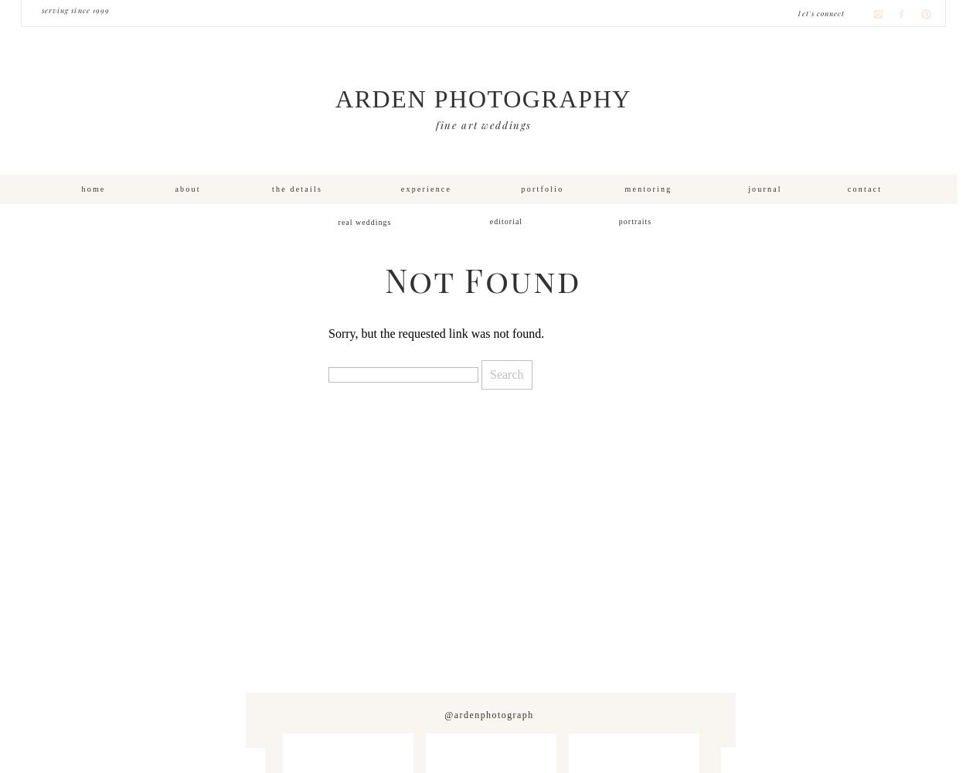  What do you see at coordinates (186, 188) in the screenshot?
I see `'ABOUT'` at bounding box center [186, 188].